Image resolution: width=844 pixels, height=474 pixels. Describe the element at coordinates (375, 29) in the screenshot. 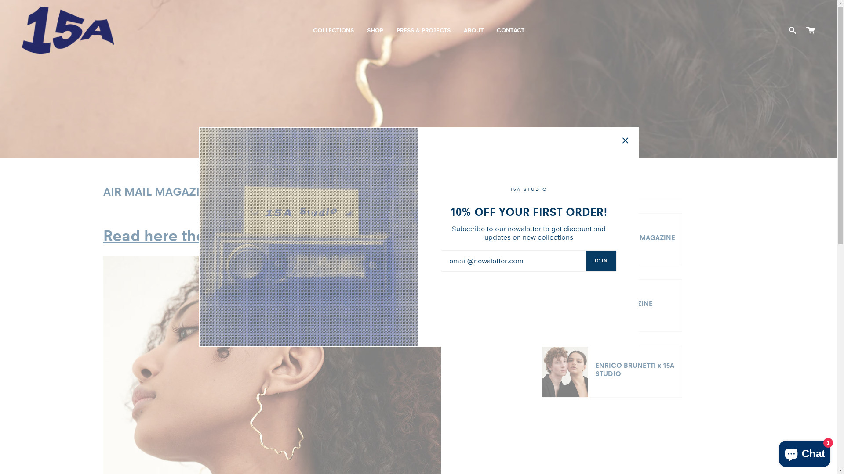

I see `'SHOP'` at that location.